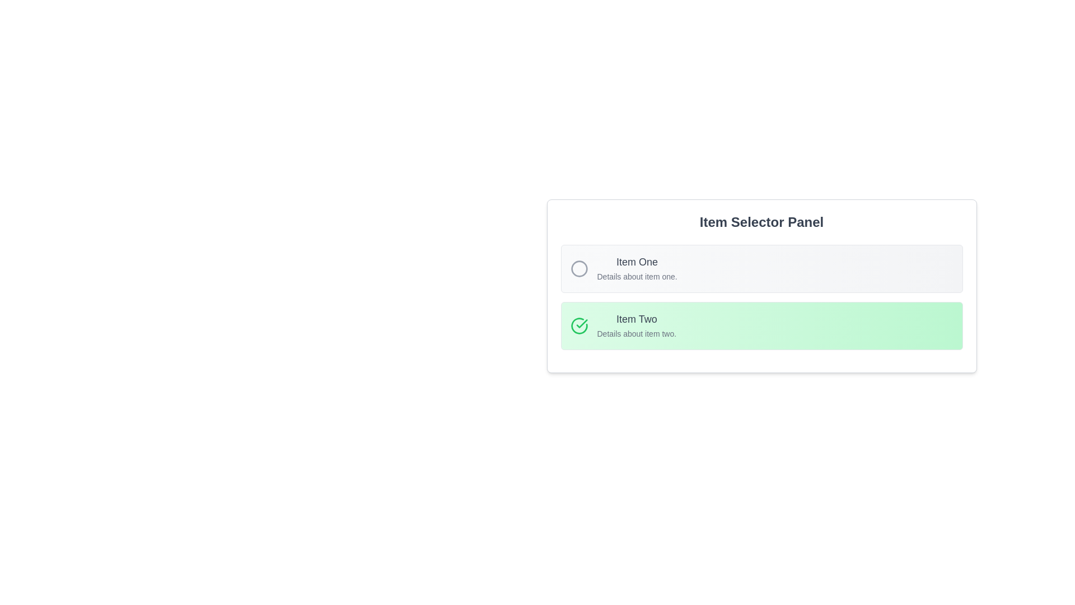 Image resolution: width=1075 pixels, height=605 pixels. Describe the element at coordinates (637, 326) in the screenshot. I see `the keyboard navigation on the text display block that shows details about 'Item Two' in the list of the 'Item Selector Panel'` at that location.